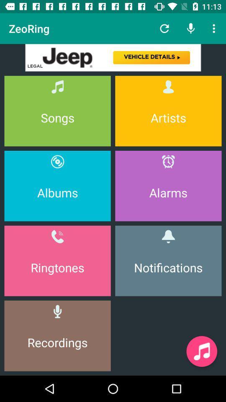 This screenshot has width=226, height=402. I want to click on the button below alarms, so click(168, 260).